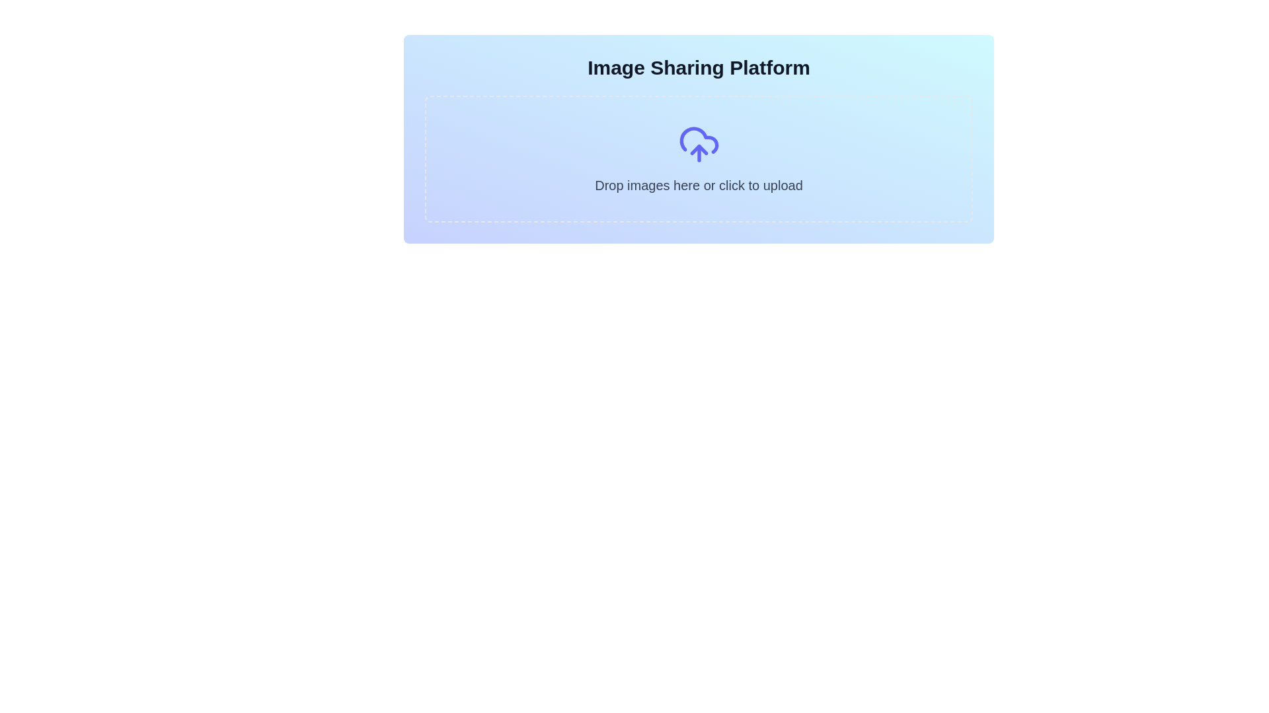  I want to click on the Drop area for file upload functionality located below the 'Image Sharing Platform' heading, so click(698, 158).